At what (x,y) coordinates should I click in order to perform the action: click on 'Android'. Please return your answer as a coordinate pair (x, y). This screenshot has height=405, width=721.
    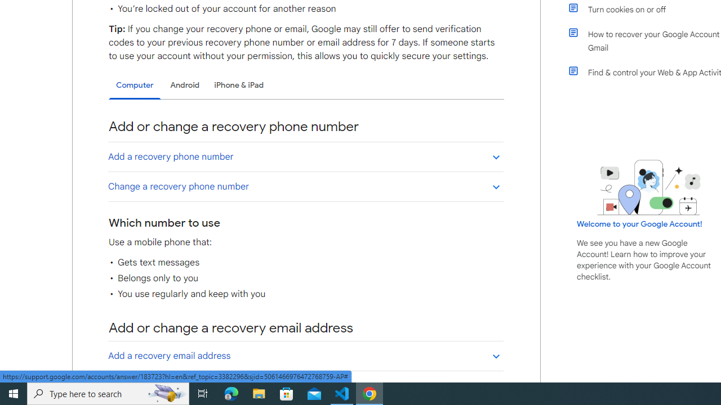
    Looking at the image, I should click on (185, 84).